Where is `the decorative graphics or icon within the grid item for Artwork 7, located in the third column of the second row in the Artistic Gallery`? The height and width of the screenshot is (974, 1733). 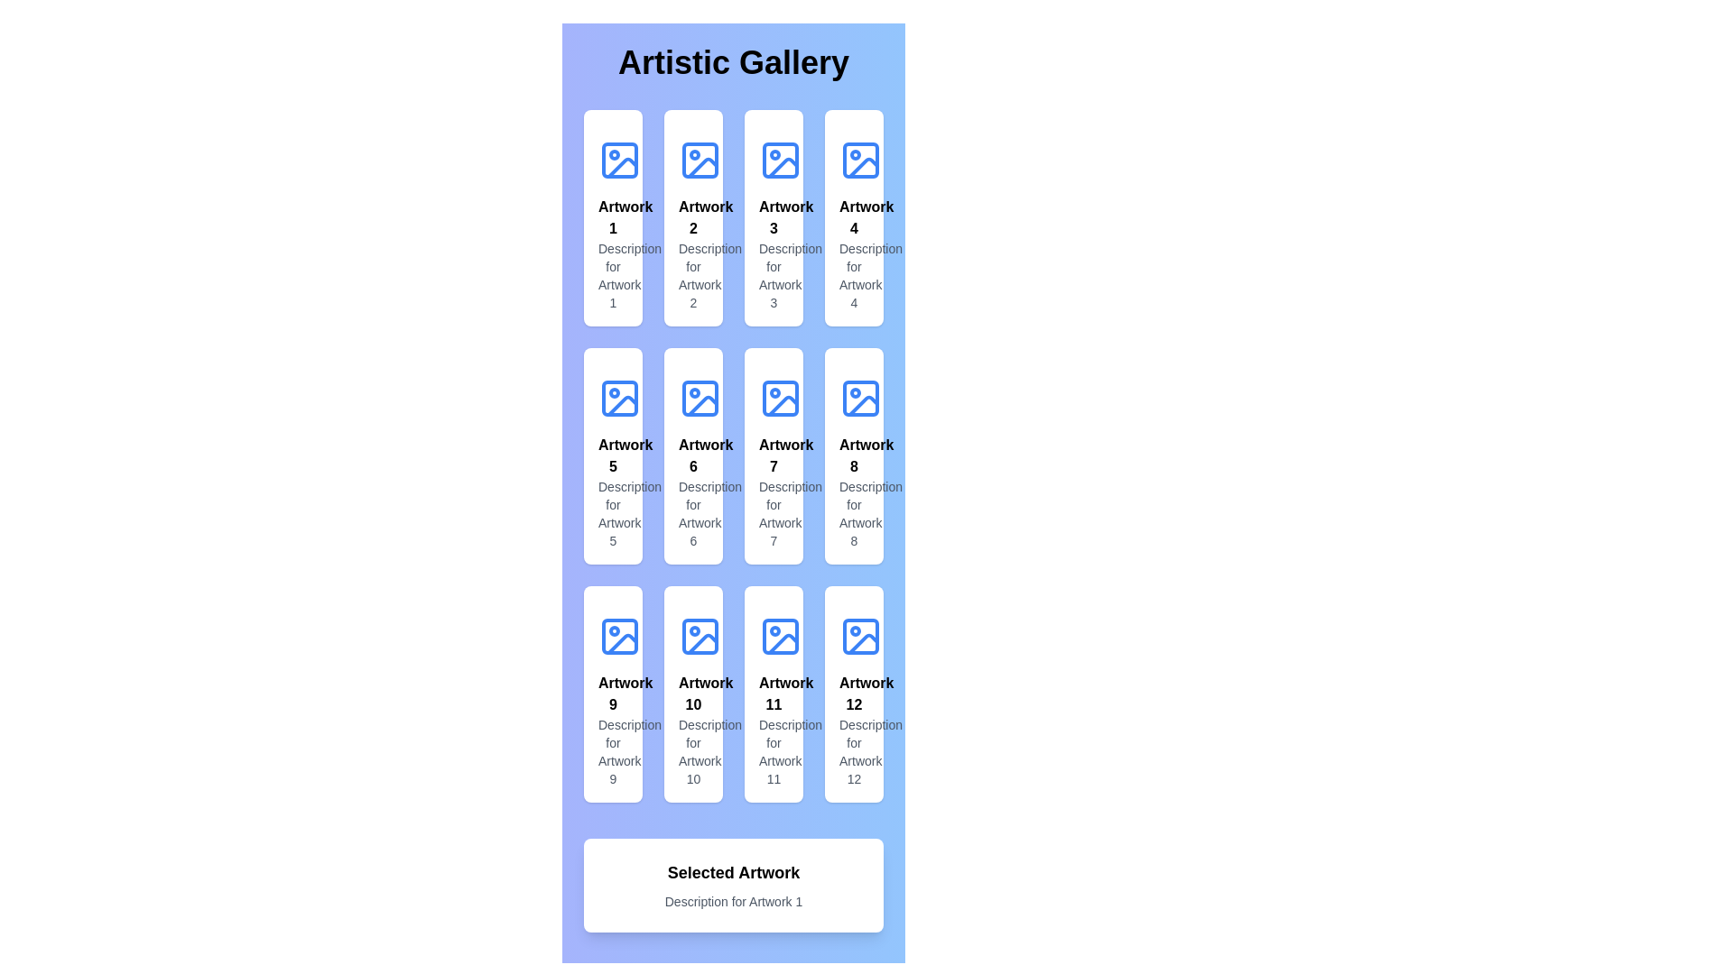 the decorative graphics or icon within the grid item for Artwork 7, located in the third column of the second row in the Artistic Gallery is located at coordinates (780, 398).